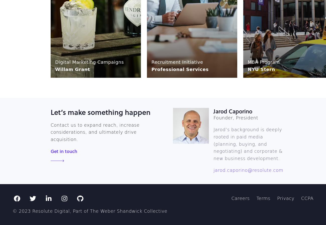 The height and width of the screenshot is (225, 326). I want to click on 'CCPA', so click(307, 198).